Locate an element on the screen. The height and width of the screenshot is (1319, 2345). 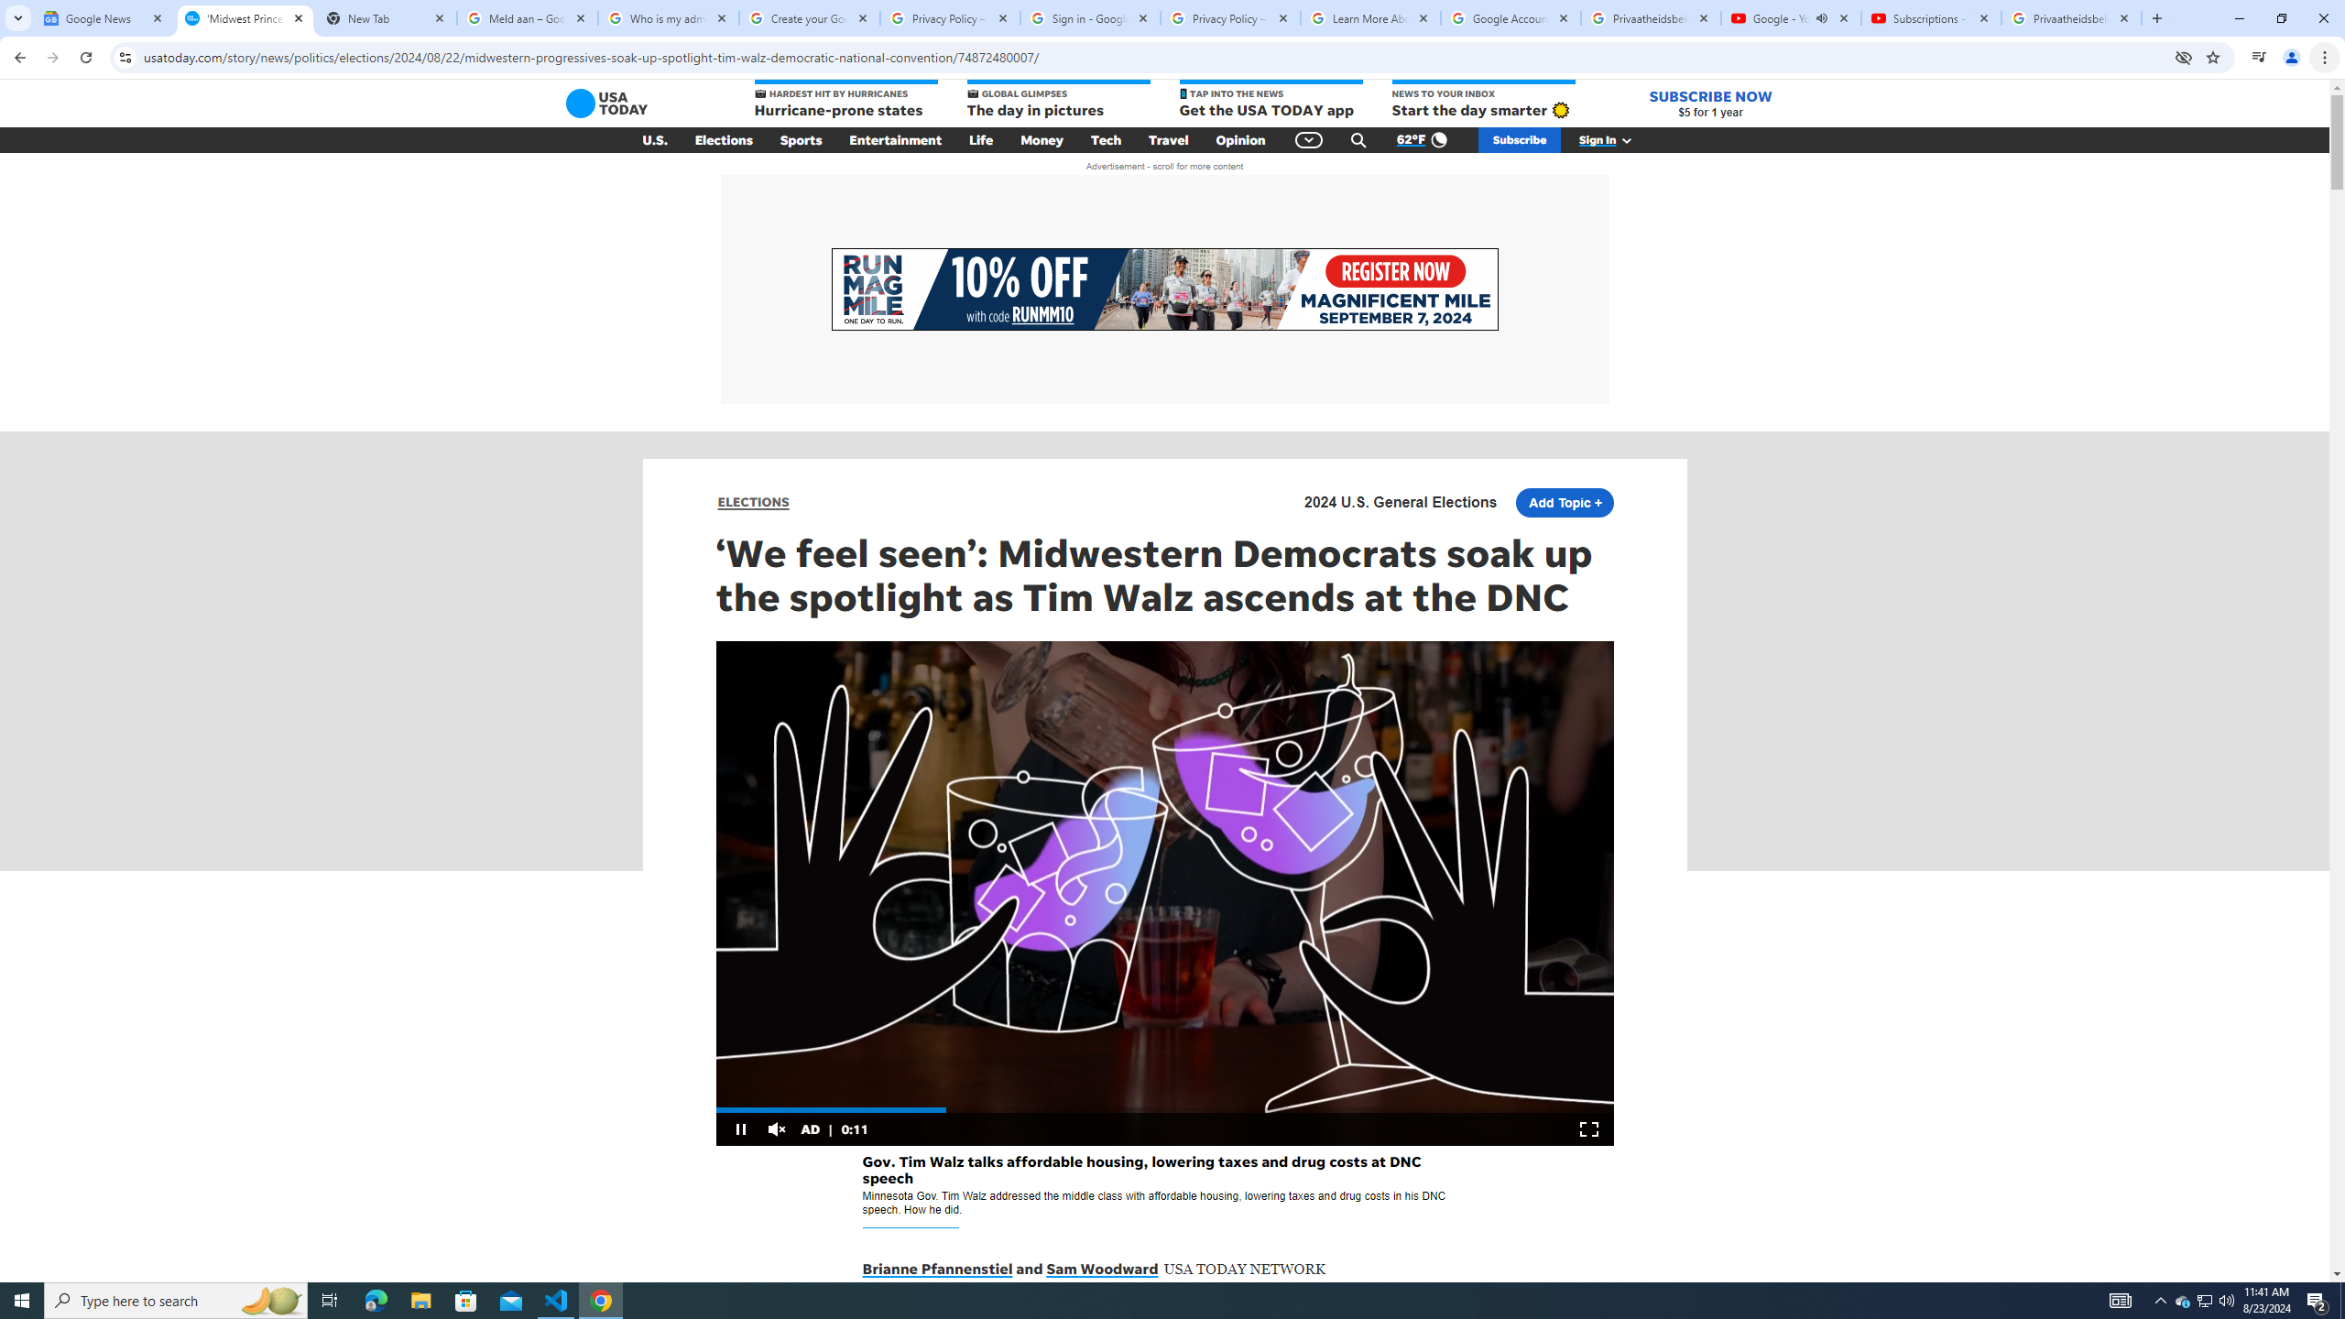
'Control your music, videos, and more' is located at coordinates (2259, 57).